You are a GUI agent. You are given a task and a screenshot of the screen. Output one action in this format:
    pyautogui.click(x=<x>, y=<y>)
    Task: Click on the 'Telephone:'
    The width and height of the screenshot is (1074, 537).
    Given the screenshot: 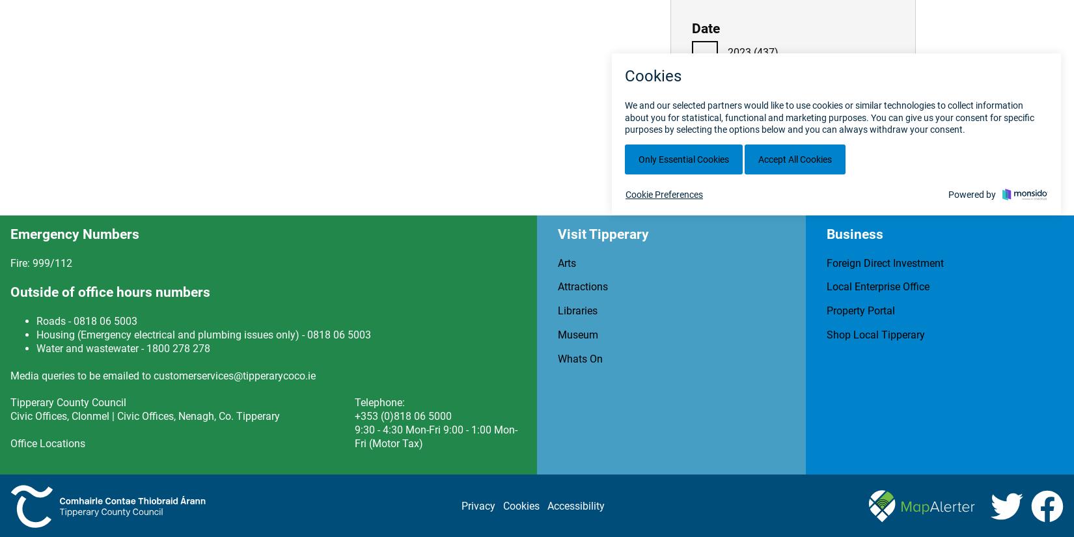 What is the action you would take?
    pyautogui.click(x=353, y=402)
    